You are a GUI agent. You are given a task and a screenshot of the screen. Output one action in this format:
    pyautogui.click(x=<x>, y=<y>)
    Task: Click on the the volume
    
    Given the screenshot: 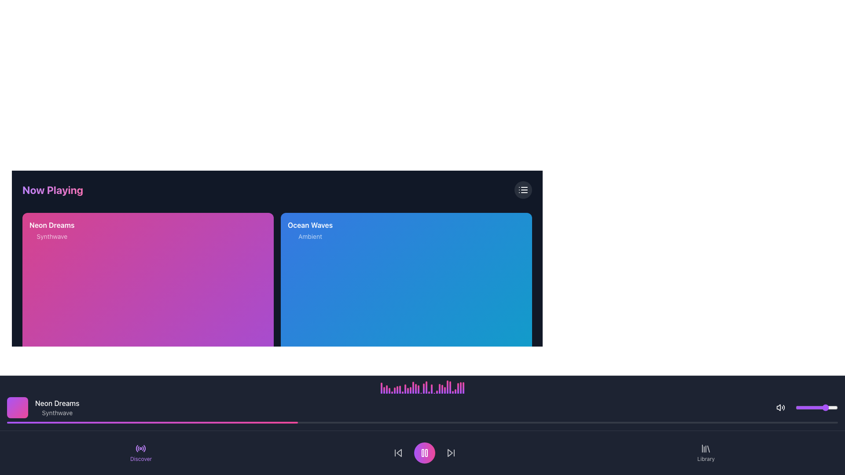 What is the action you would take?
    pyautogui.click(x=822, y=407)
    